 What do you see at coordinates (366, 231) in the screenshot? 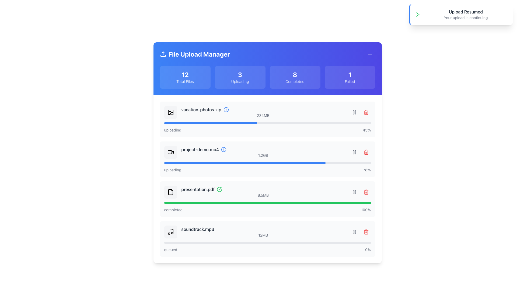
I see `the delete button icon at the end of the progress bar for the file labeled 'soundtrack.mp3' in the File Upload Manager interface` at bounding box center [366, 231].